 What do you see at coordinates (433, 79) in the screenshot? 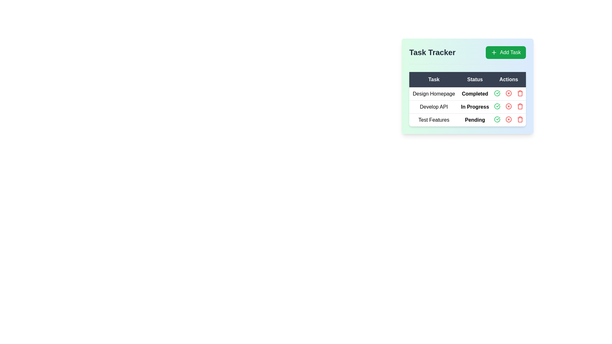
I see `the static text label indicating the 'Task' column in the table header area, which is the first item in the row of headers` at bounding box center [433, 79].